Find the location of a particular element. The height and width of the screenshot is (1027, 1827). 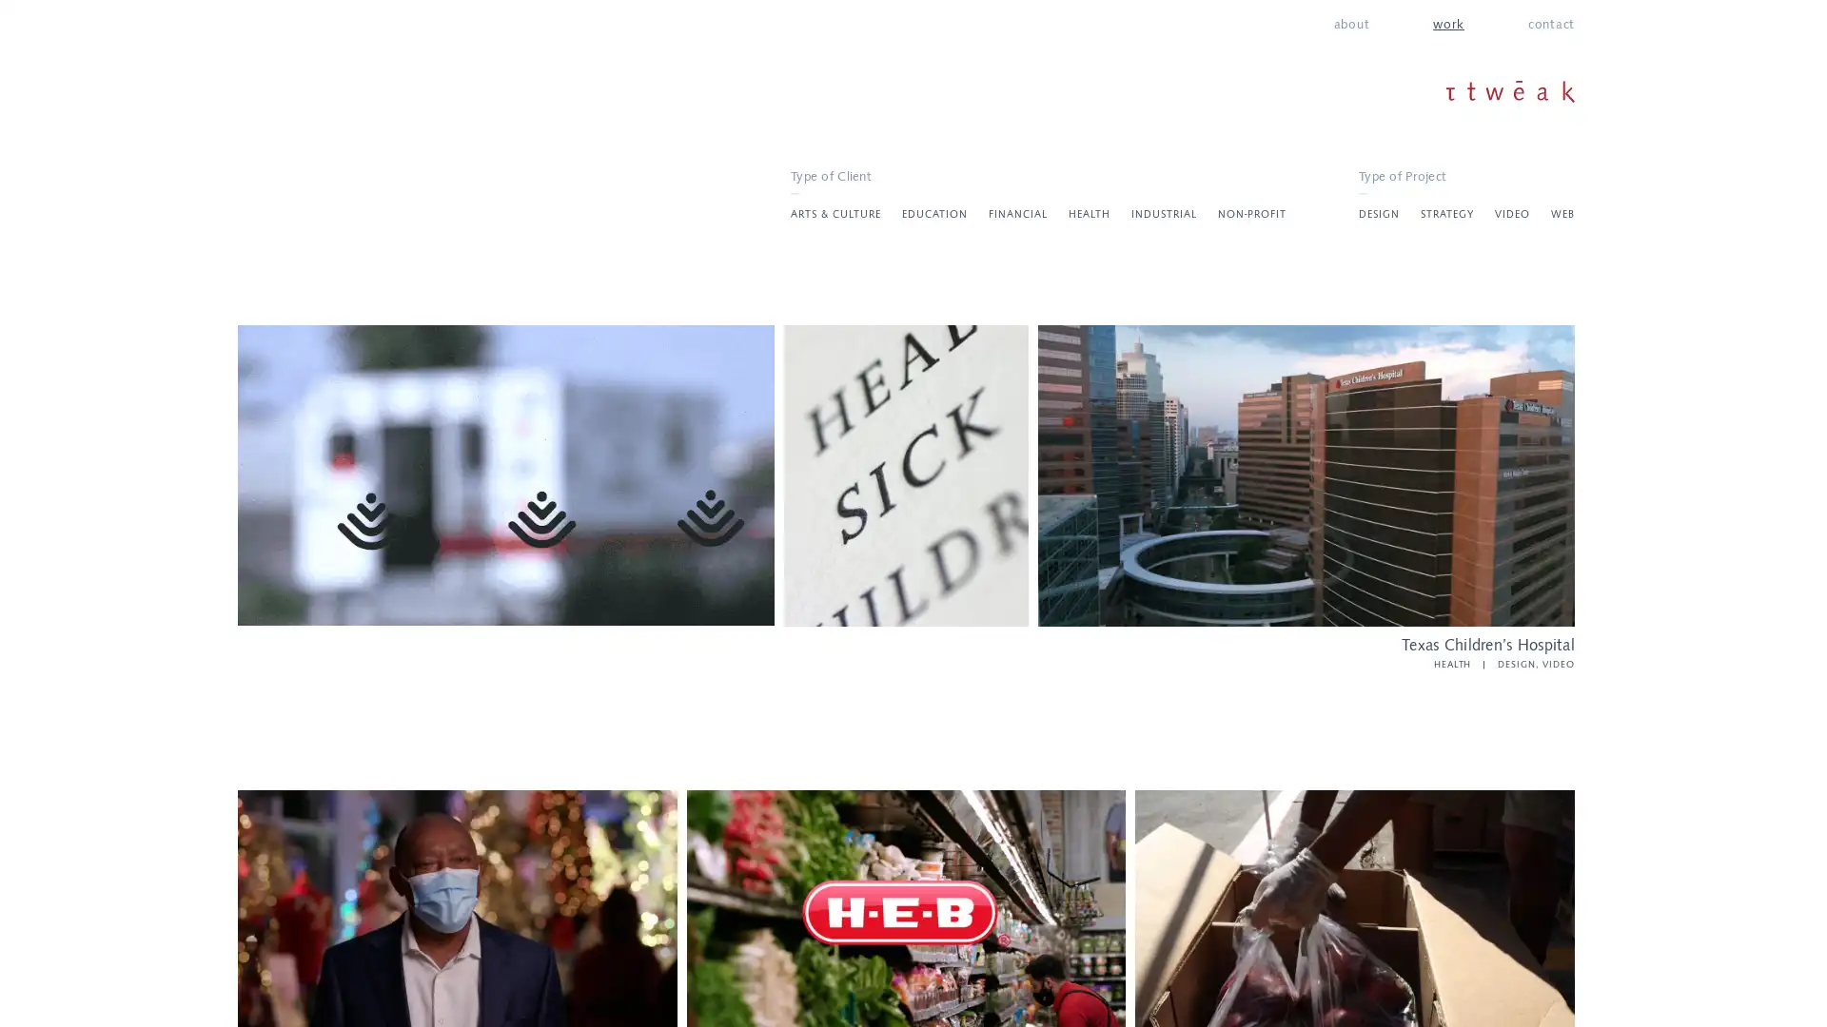

EDUCATION is located at coordinates (934, 214).